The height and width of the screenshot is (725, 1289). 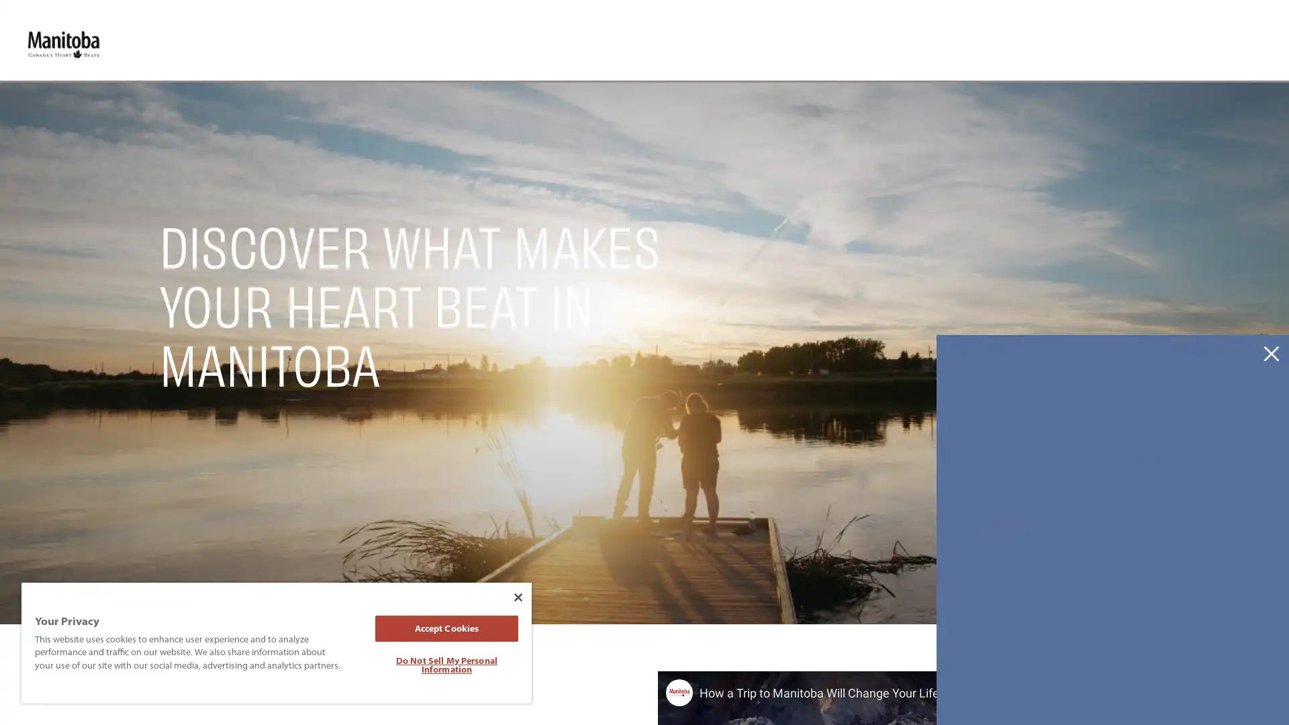 What do you see at coordinates (1271, 351) in the screenshot?
I see `Dismiss Newsletter Signup Message` at bounding box center [1271, 351].